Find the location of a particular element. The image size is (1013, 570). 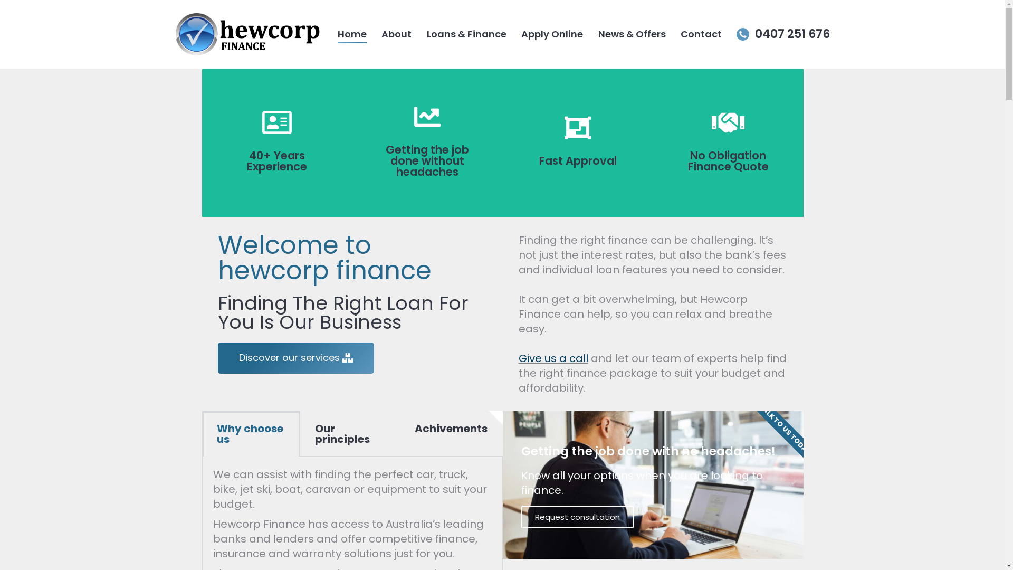

'Give us a call' is located at coordinates (552, 357).